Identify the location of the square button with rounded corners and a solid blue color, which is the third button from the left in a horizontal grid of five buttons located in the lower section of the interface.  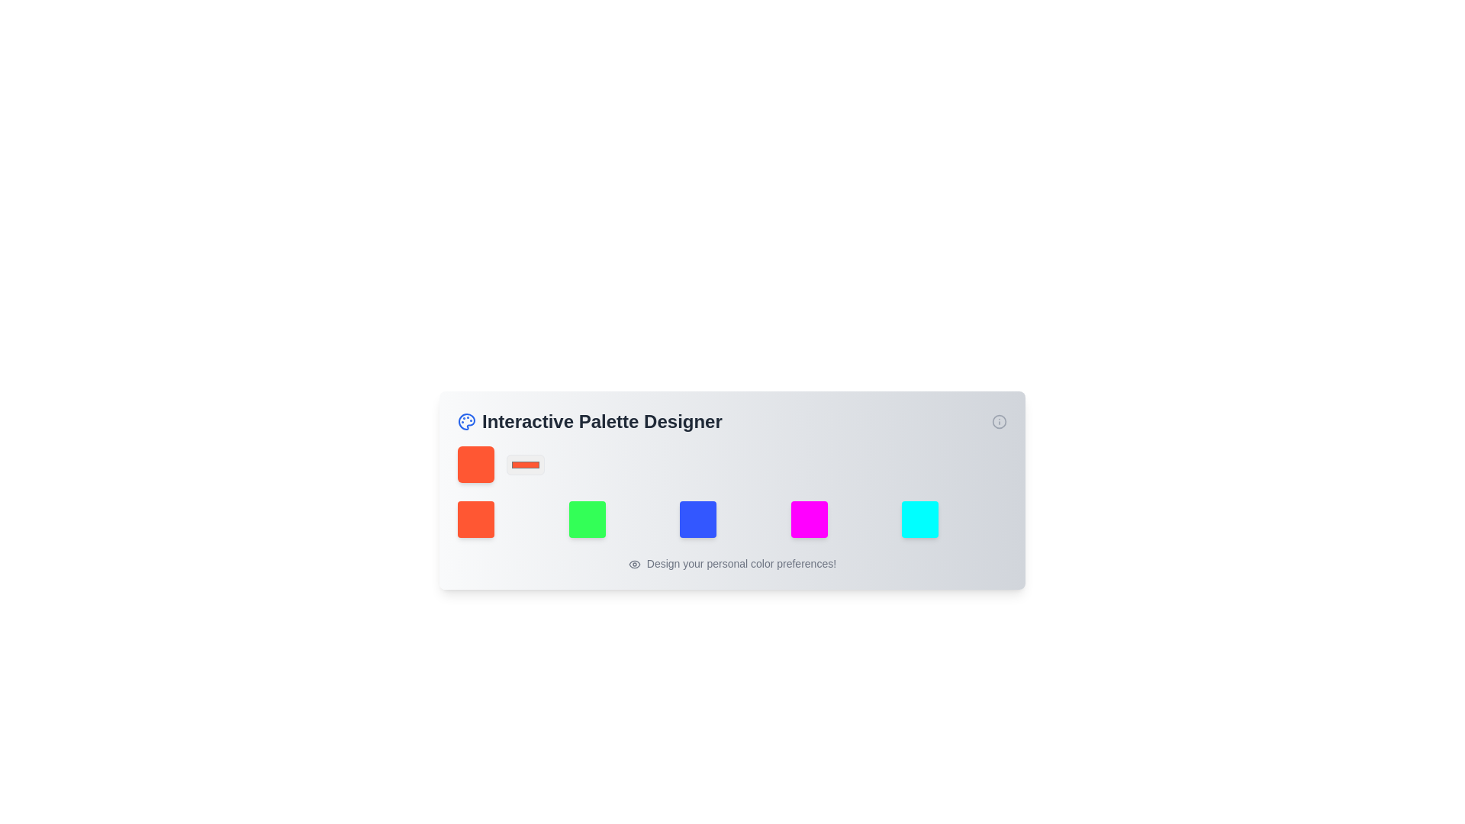
(697, 519).